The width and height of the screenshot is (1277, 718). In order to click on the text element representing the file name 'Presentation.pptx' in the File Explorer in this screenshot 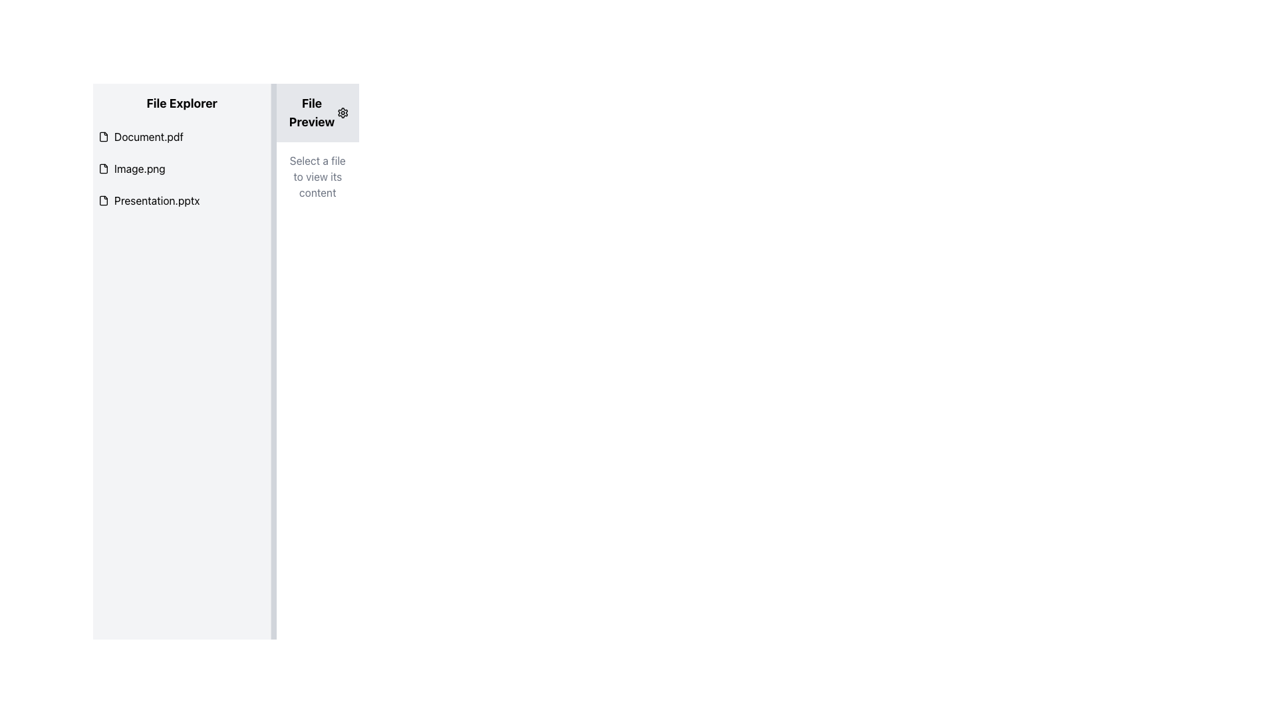, I will do `click(157, 200)`.